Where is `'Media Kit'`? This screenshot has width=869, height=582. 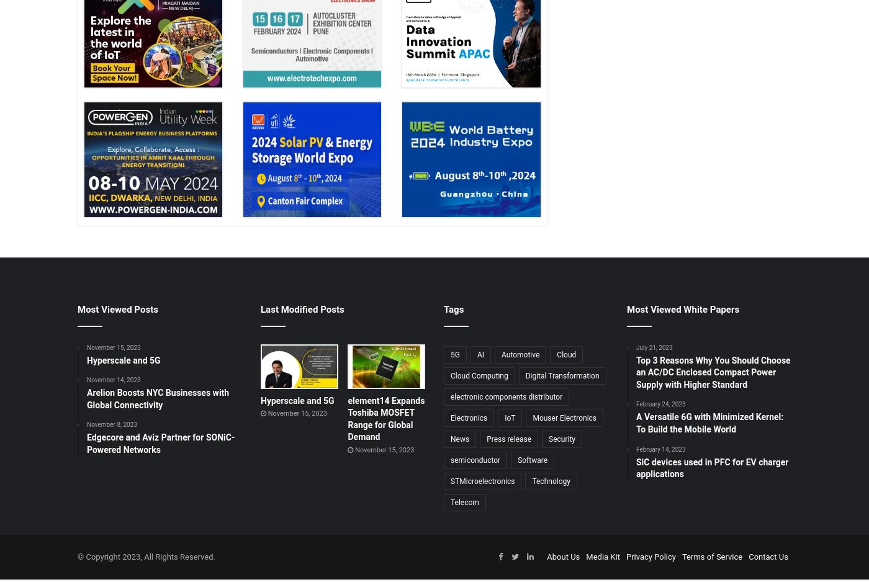
'Media Kit' is located at coordinates (603, 556).